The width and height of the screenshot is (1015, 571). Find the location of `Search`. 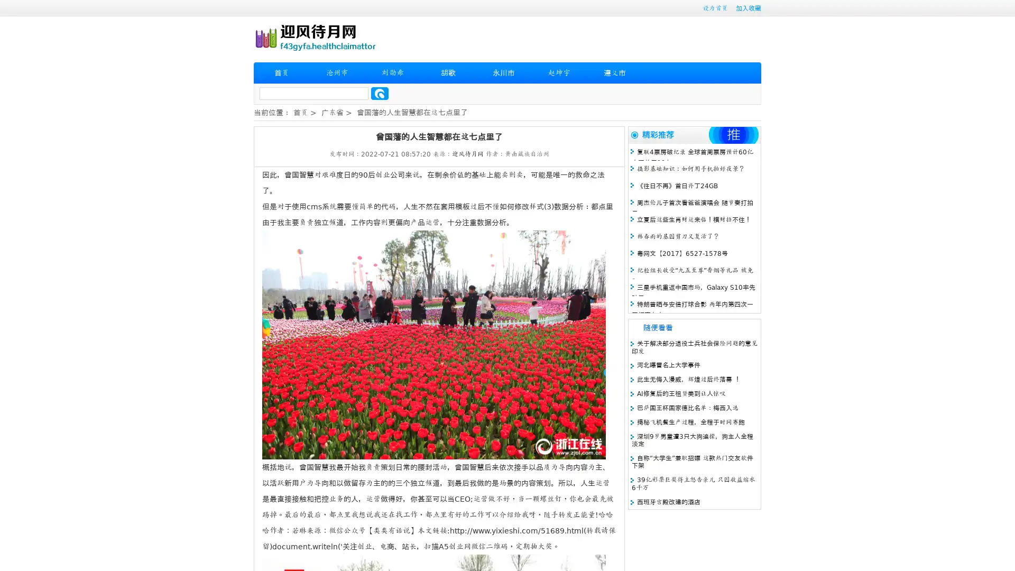

Search is located at coordinates (380, 93).